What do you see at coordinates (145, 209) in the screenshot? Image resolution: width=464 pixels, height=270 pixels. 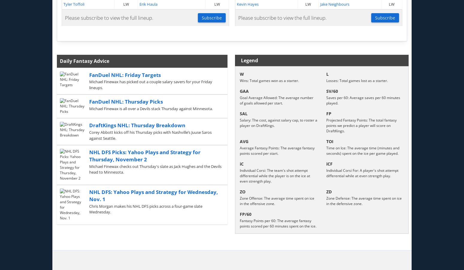 I see `'Chris Morgan makes his NHL DFS picks across a four-game slate Wednesday.'` at bounding box center [145, 209].